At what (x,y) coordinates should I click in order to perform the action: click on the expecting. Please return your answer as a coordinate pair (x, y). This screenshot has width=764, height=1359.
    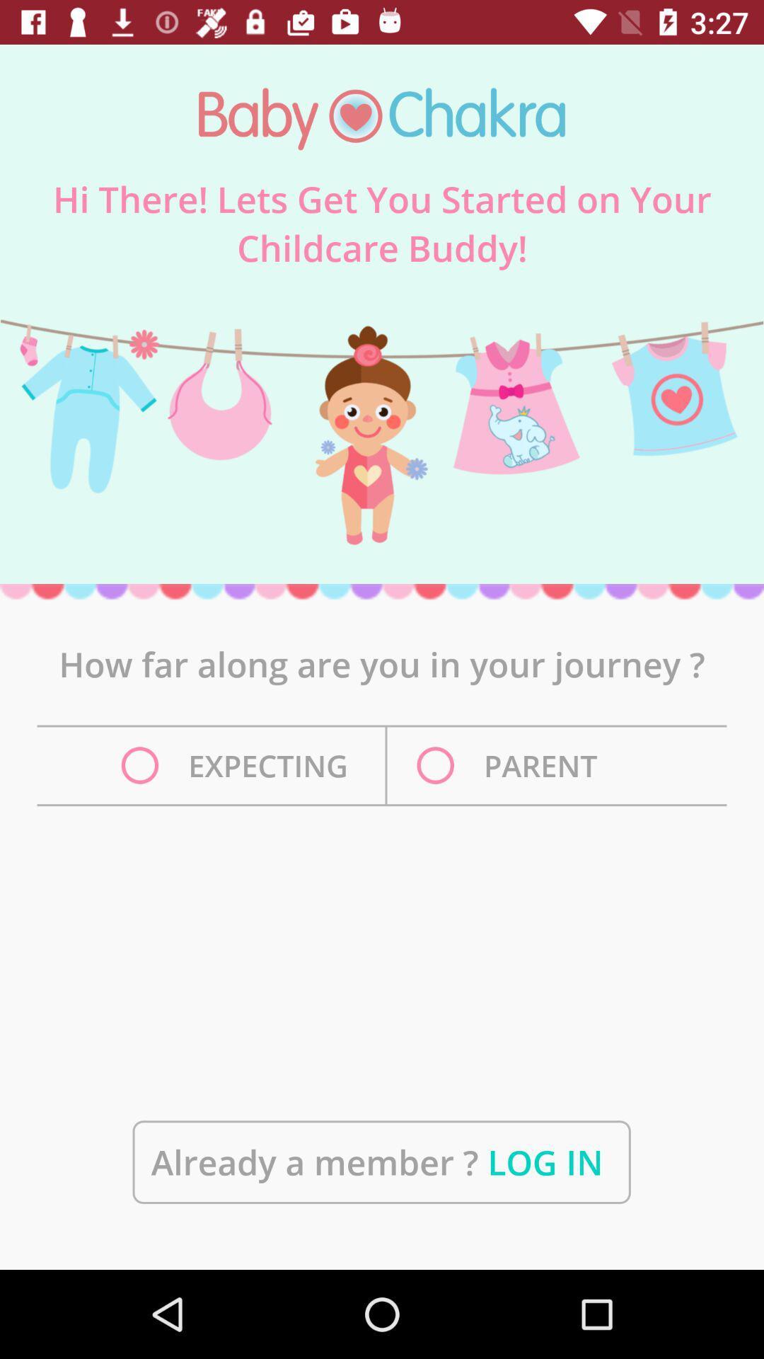
    Looking at the image, I should click on (238, 764).